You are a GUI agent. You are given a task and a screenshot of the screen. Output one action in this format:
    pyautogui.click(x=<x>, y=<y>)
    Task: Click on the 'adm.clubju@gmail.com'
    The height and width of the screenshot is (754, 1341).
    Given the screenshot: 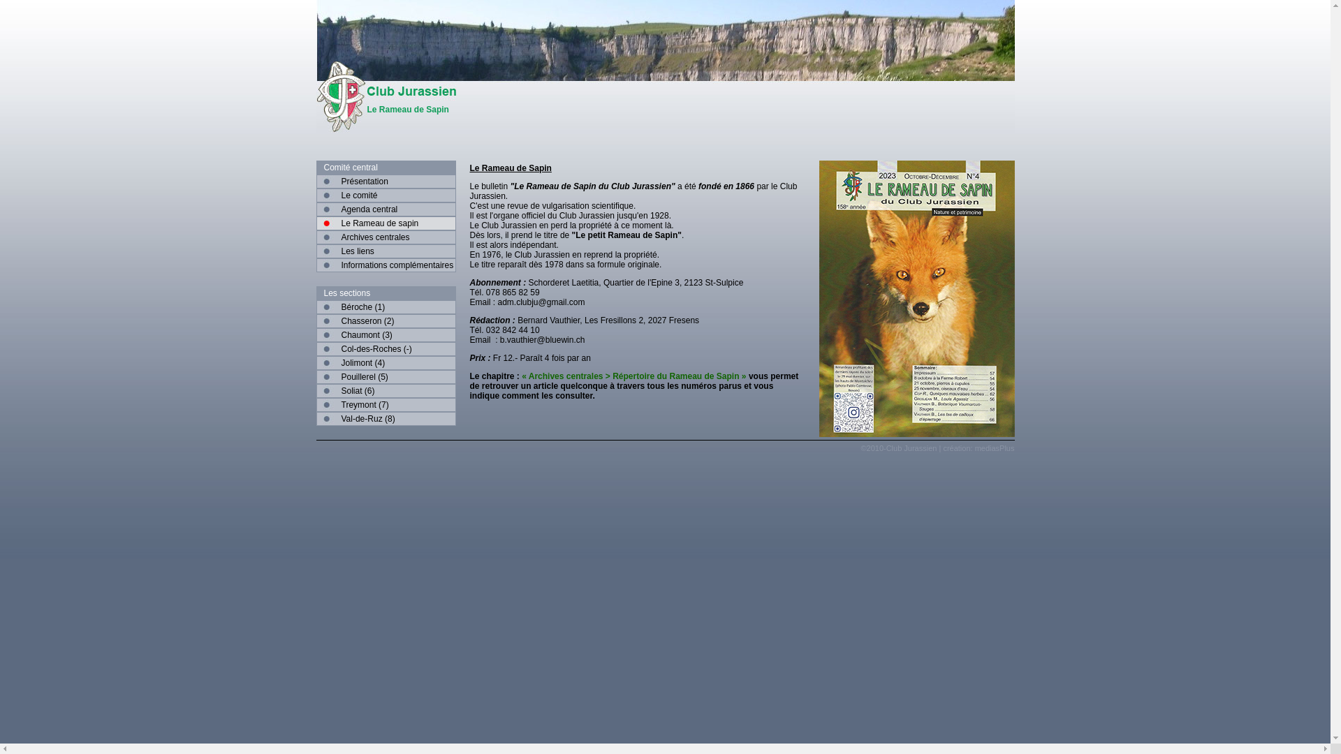 What is the action you would take?
    pyautogui.click(x=541, y=301)
    